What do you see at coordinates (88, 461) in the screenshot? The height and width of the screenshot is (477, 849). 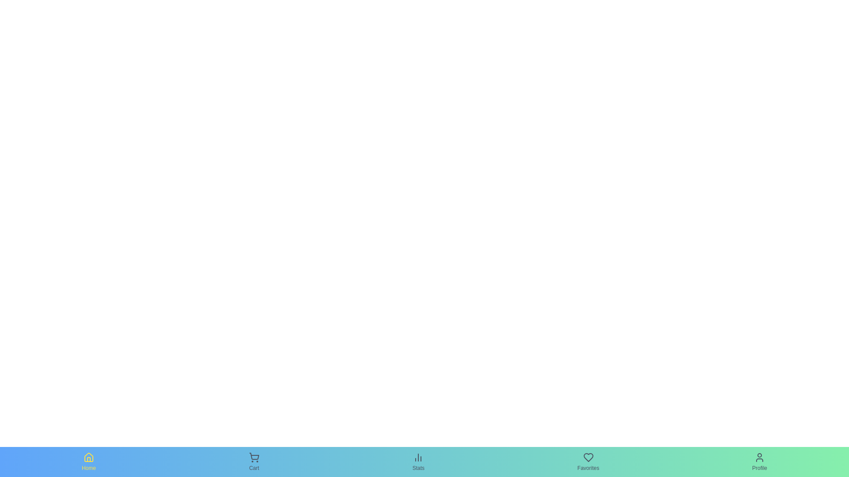 I see `the Home tab to observe its hover effect` at bounding box center [88, 461].